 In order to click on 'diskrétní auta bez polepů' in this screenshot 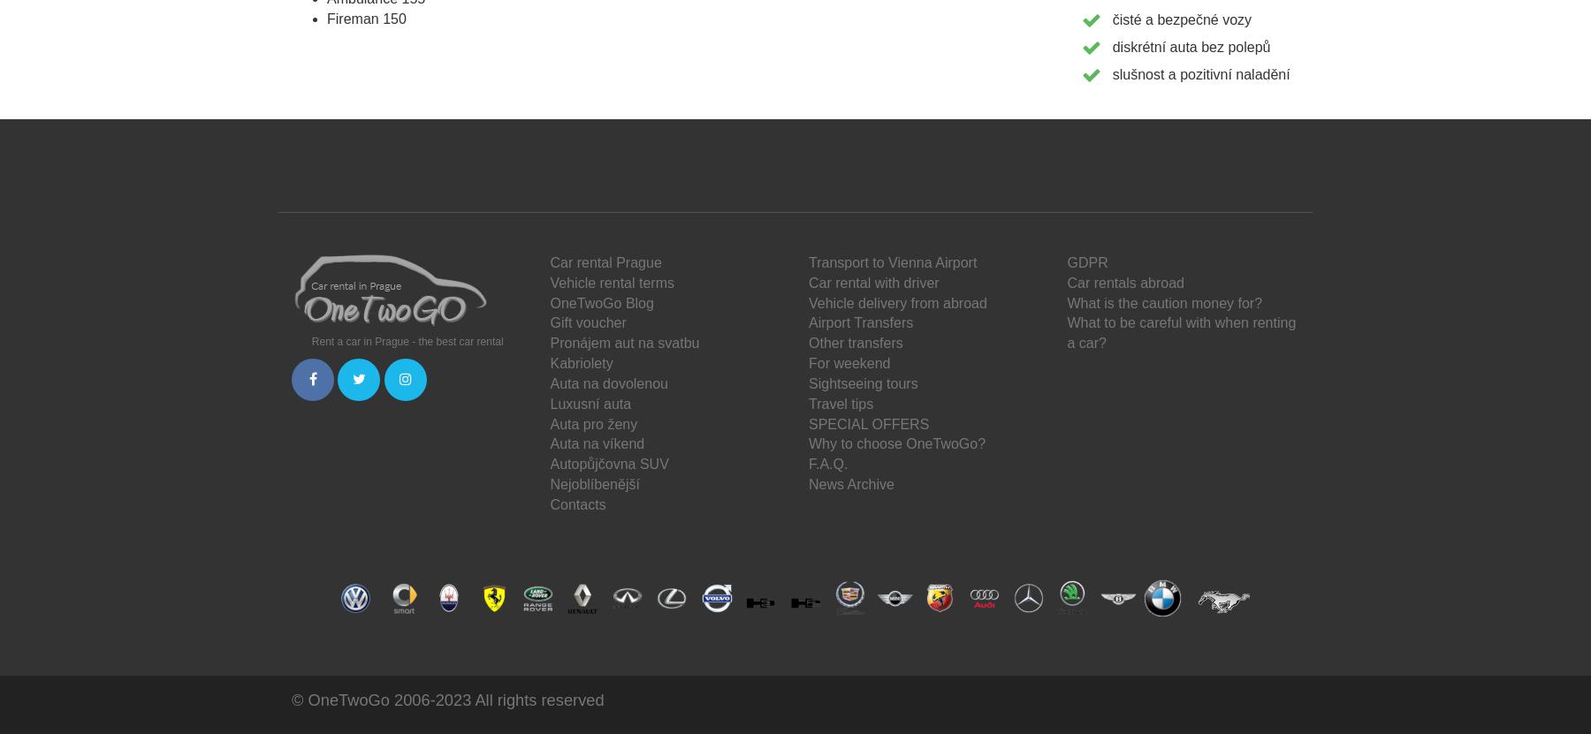, I will do `click(1191, 45)`.